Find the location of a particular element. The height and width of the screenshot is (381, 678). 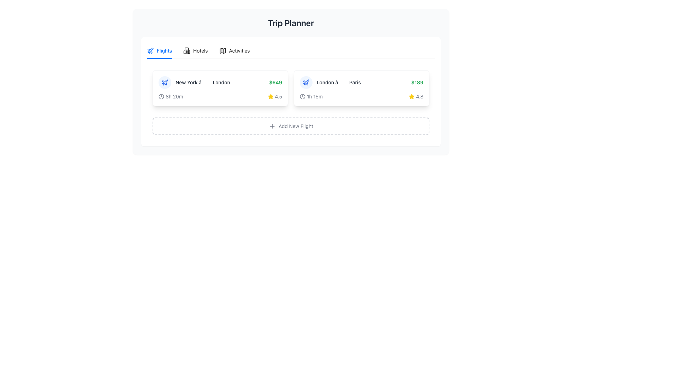

the flight information icon located on the far right within a row, centered in a card-like structure is located at coordinates (306, 82).